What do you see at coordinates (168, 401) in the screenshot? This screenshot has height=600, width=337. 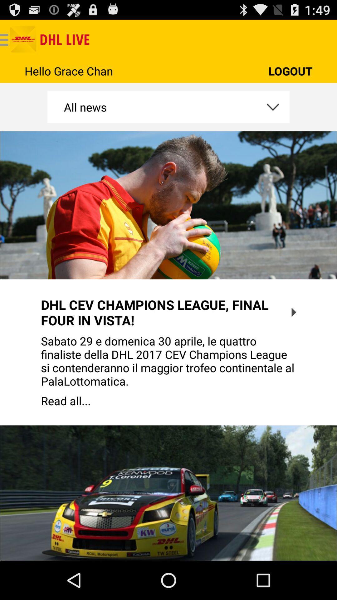 I see `read all... item` at bounding box center [168, 401].